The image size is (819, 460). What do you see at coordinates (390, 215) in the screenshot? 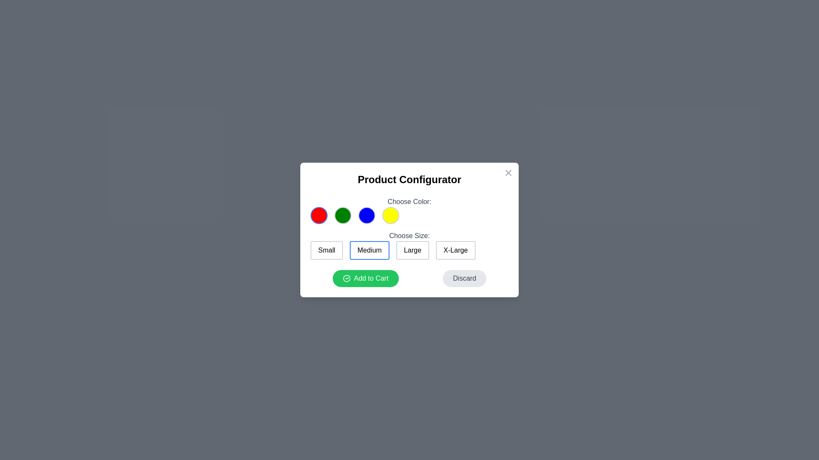
I see `the fourth circular button labeled 'Choose Color'` at bounding box center [390, 215].